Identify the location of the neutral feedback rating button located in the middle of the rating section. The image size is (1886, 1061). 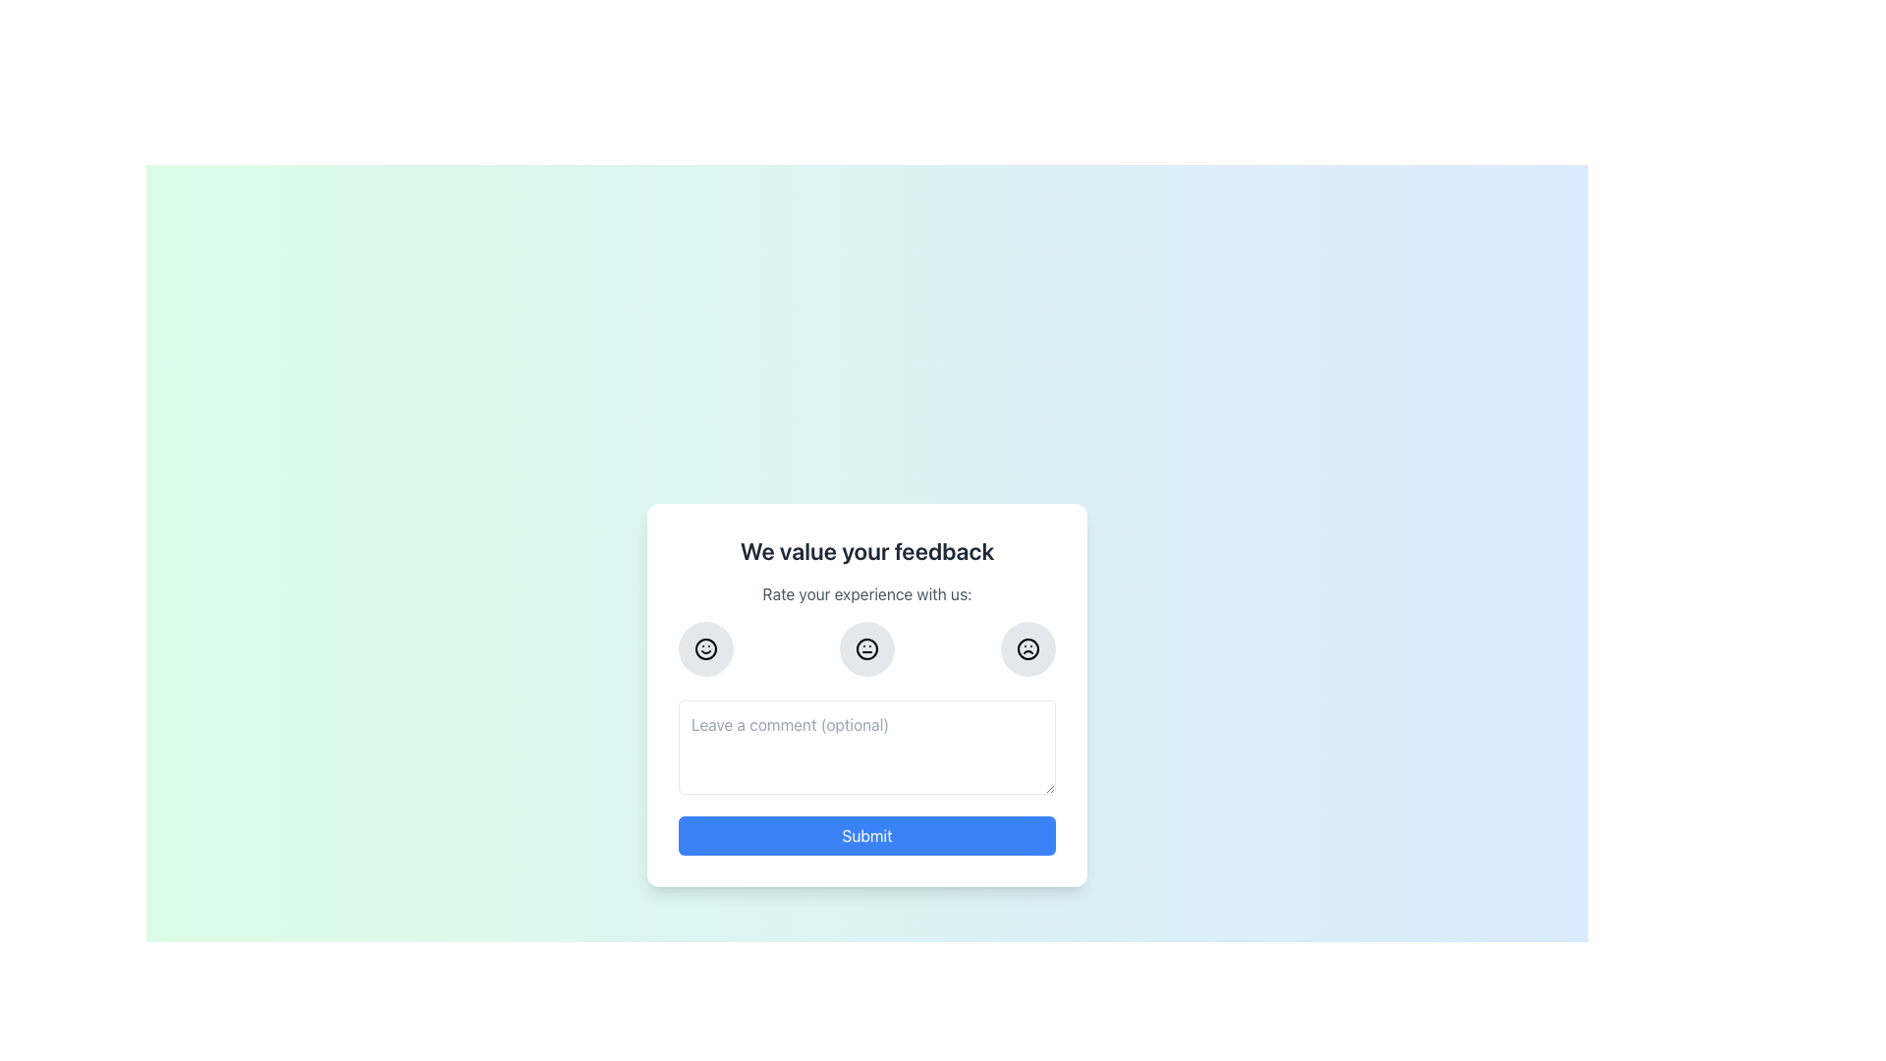
(866, 648).